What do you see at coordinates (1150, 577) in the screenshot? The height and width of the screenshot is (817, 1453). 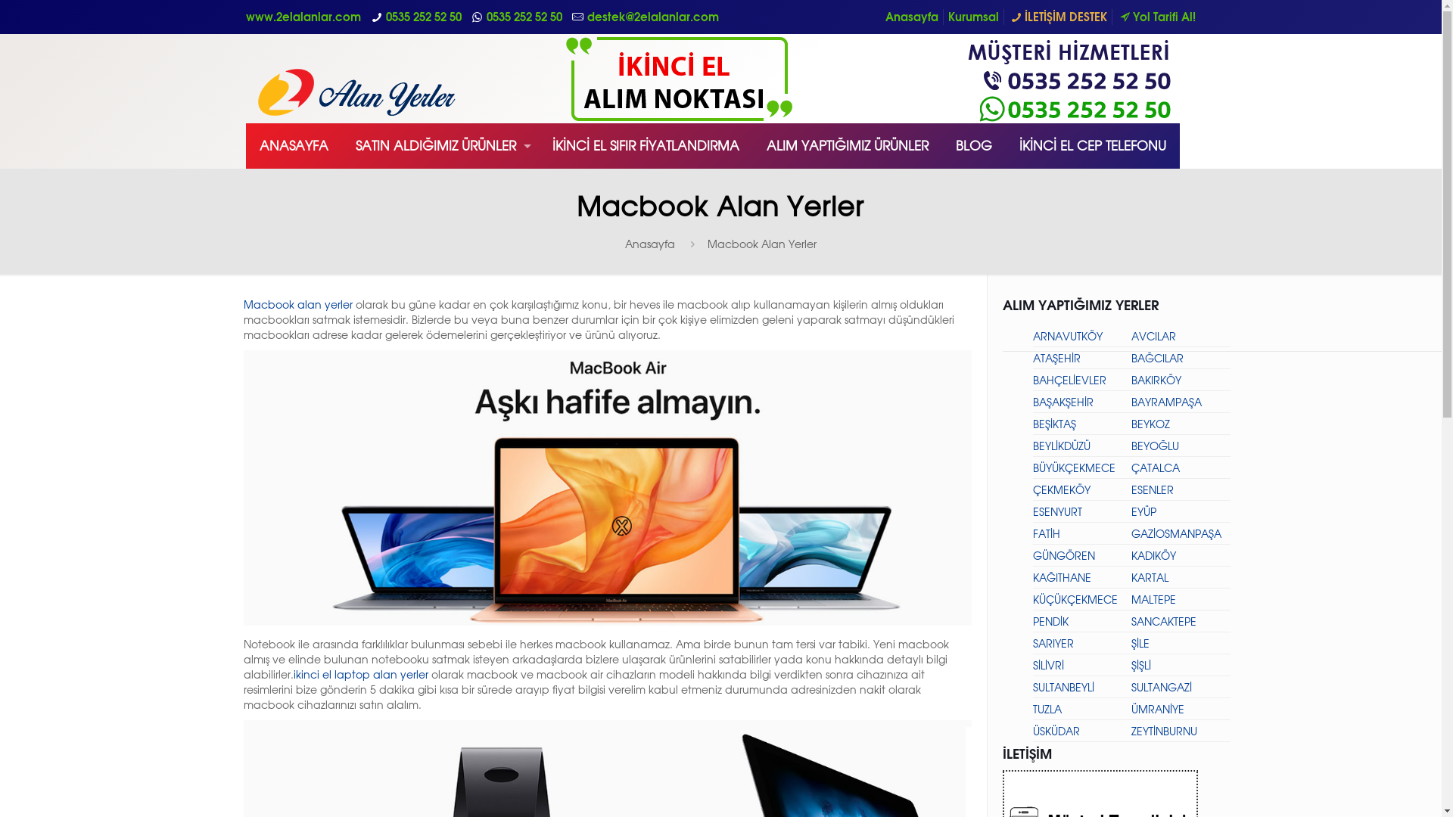 I see `'KARTAL'` at bounding box center [1150, 577].